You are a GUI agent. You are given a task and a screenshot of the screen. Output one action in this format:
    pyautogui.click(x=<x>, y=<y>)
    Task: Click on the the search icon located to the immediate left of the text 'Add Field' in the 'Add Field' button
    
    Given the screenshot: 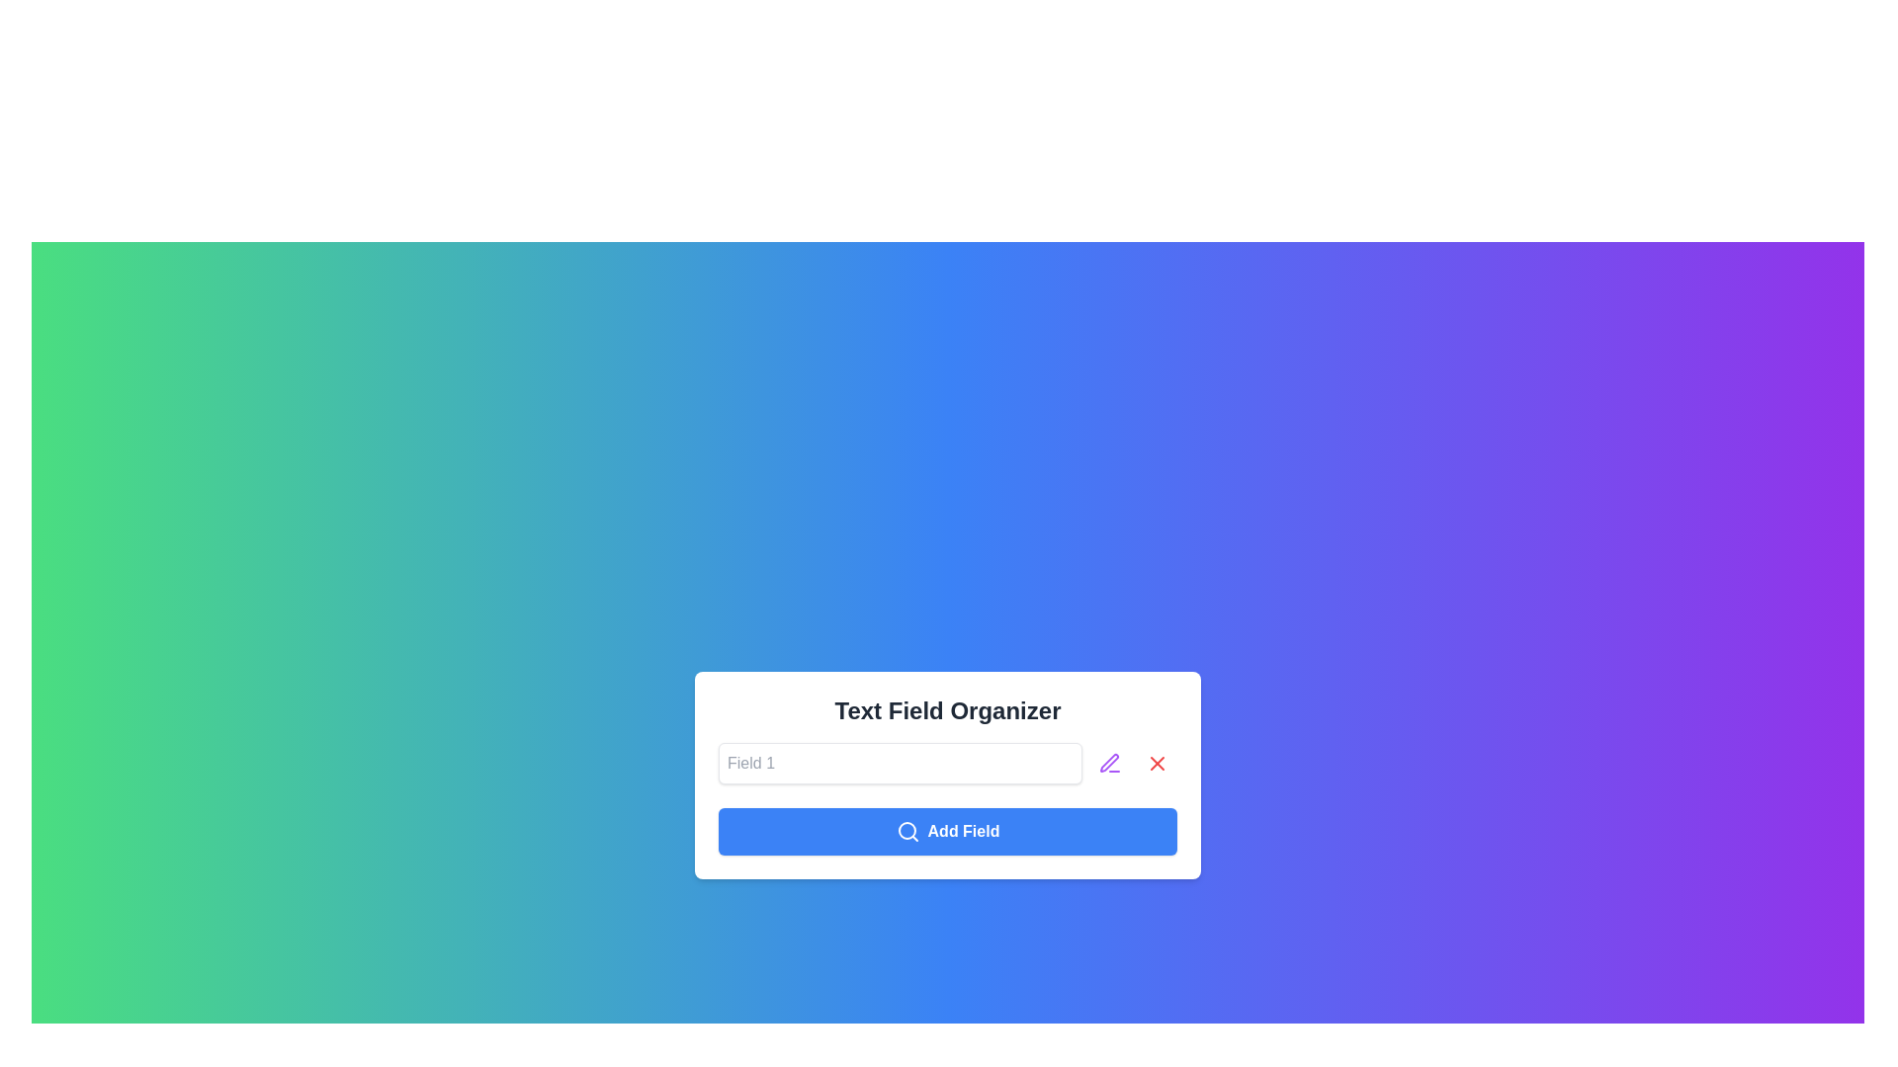 What is the action you would take?
    pyautogui.click(x=906, y=831)
    